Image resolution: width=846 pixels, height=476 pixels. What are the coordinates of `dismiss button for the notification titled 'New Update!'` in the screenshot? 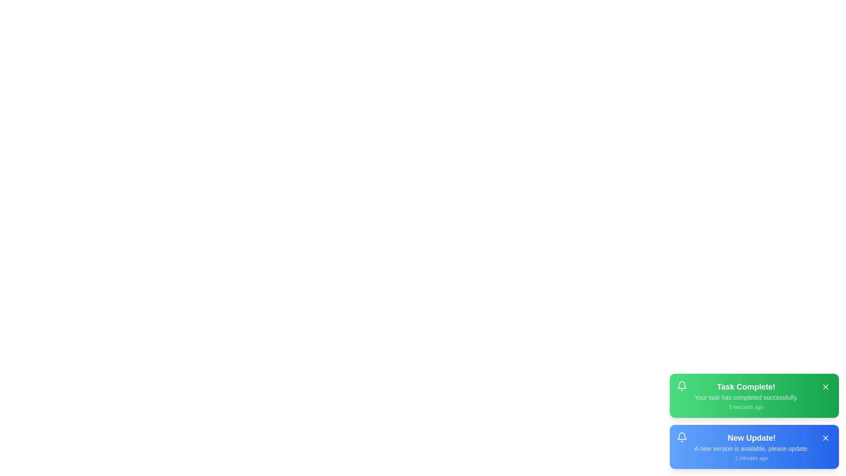 It's located at (825, 438).